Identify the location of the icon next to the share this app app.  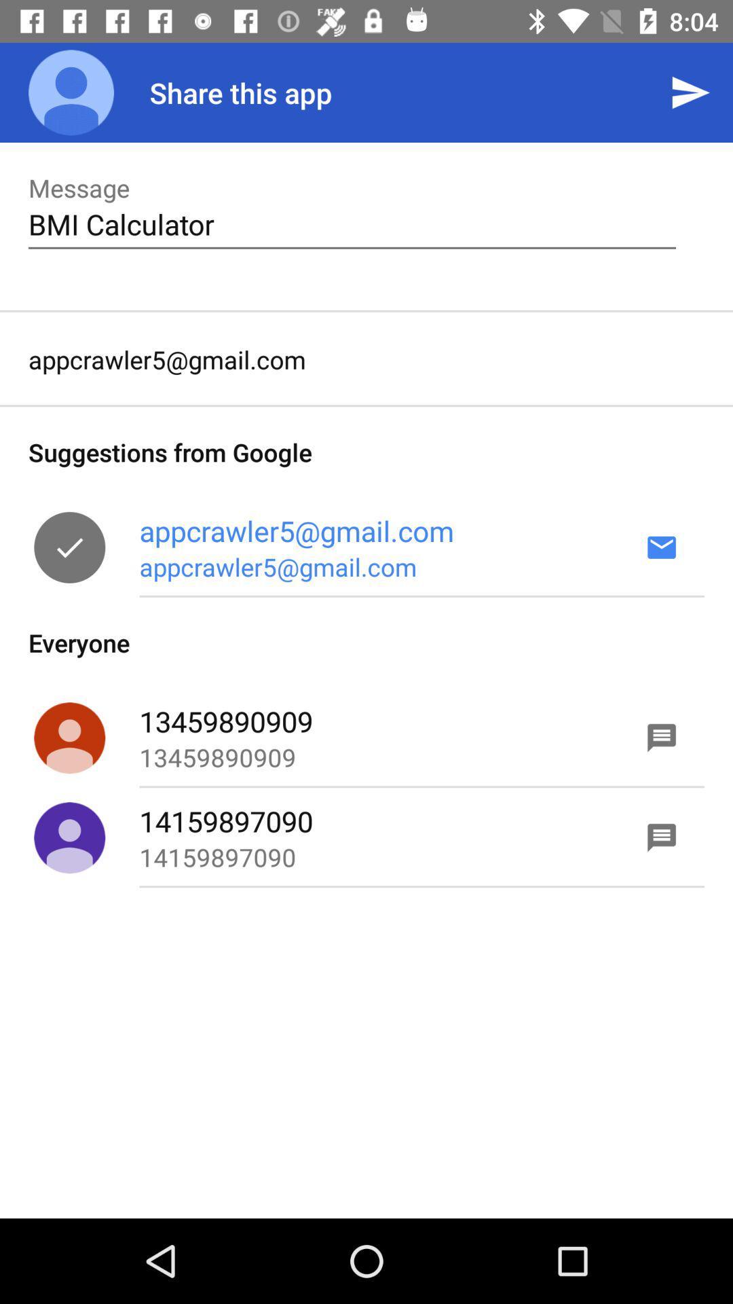
(71, 92).